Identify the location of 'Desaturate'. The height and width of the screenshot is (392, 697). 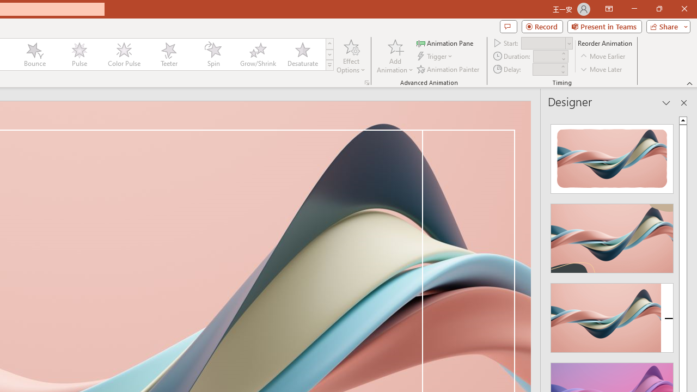
(302, 54).